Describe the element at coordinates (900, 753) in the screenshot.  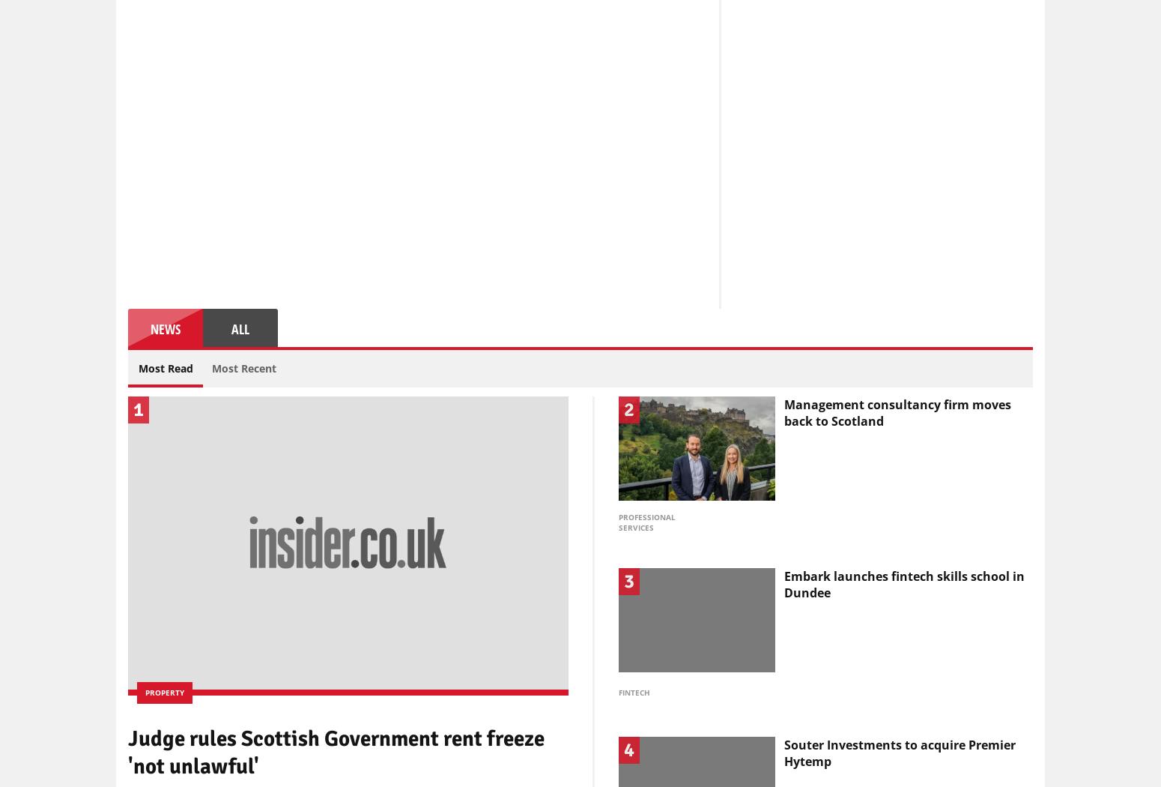
I see `'Souter Investments to acquire Premier Hytemp'` at that location.